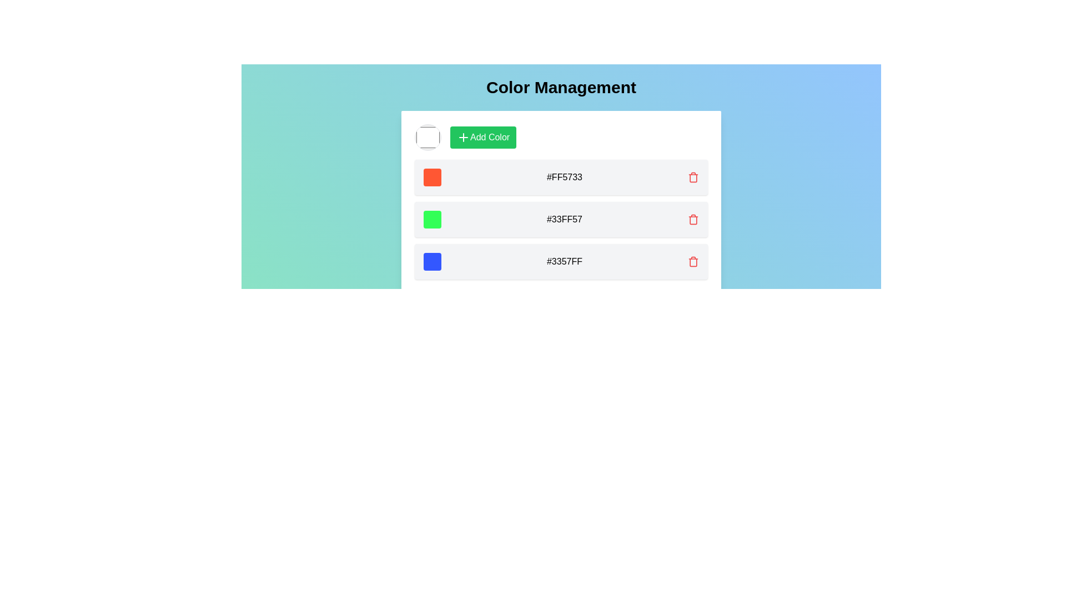  I want to click on the second ListItem in the vertical list, which has a light gray background, a green square on the left, a color code '#33FF57' in the middle, and a red delete icon on the right, so click(561, 201).